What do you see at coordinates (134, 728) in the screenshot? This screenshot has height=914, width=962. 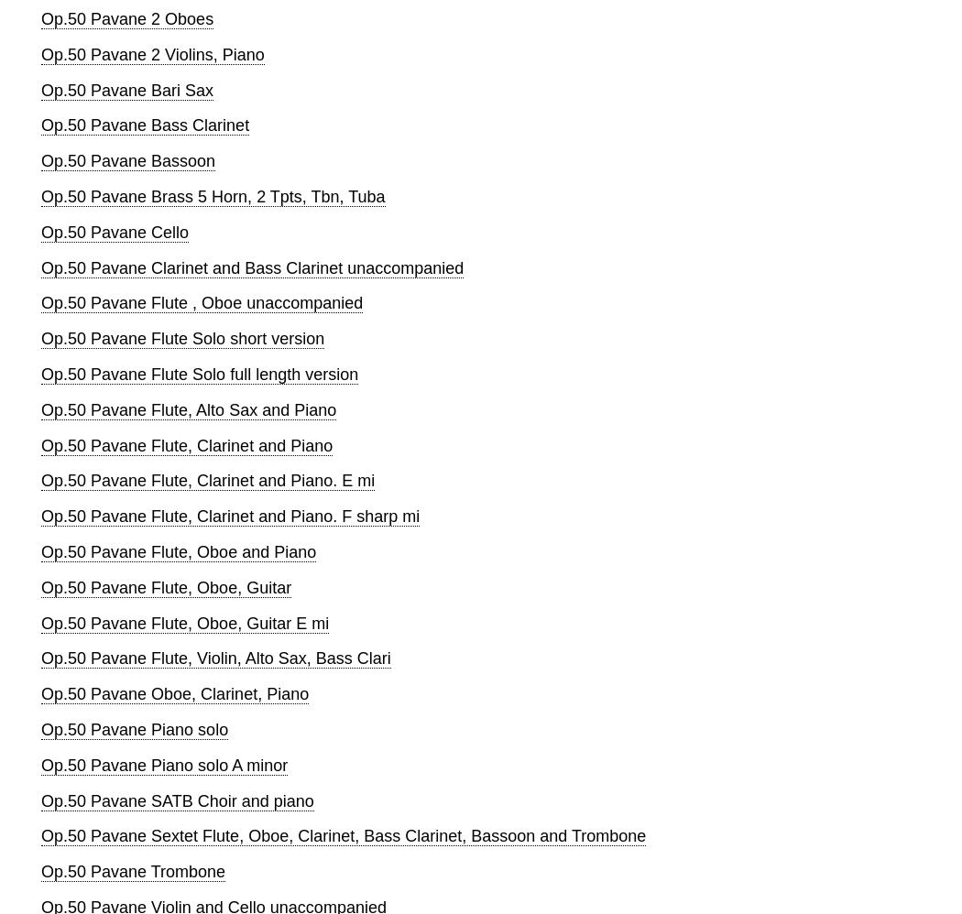 I see `'Op.50  Pavane  Piano solo'` at bounding box center [134, 728].